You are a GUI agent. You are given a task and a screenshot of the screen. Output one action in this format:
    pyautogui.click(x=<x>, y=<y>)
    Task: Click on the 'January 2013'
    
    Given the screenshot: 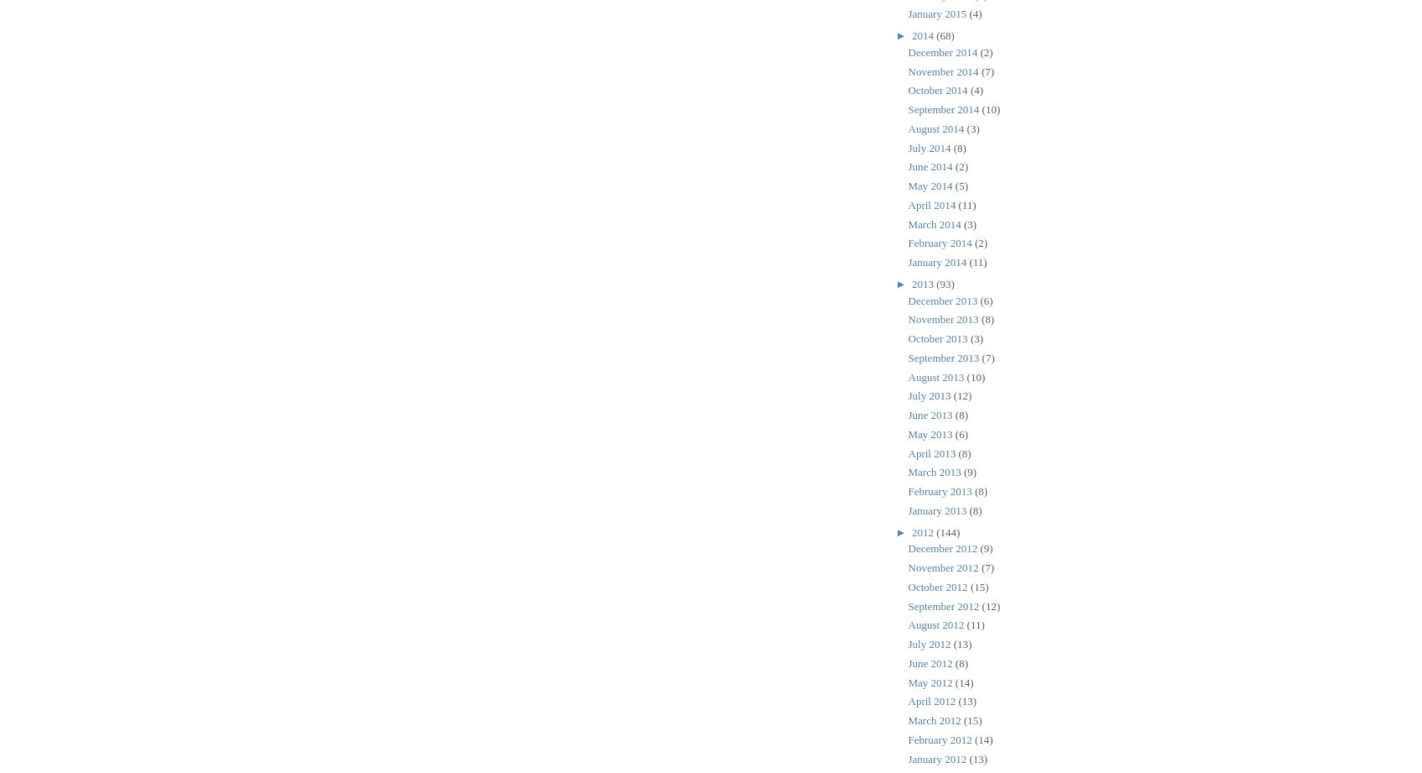 What is the action you would take?
    pyautogui.click(x=907, y=509)
    